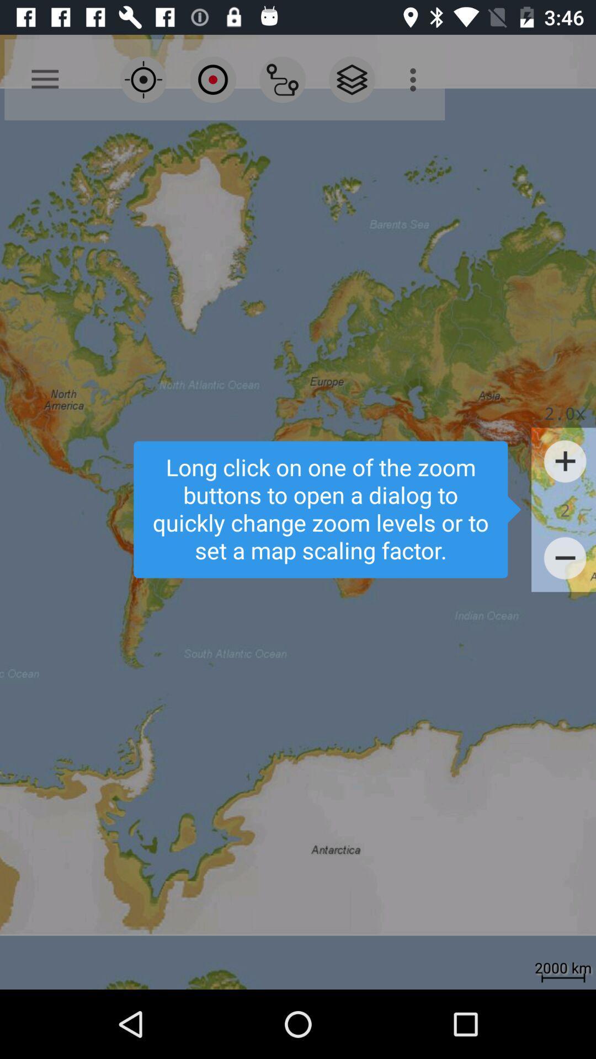 Image resolution: width=596 pixels, height=1059 pixels. Describe the element at coordinates (142, 79) in the screenshot. I see `the current location icon` at that location.